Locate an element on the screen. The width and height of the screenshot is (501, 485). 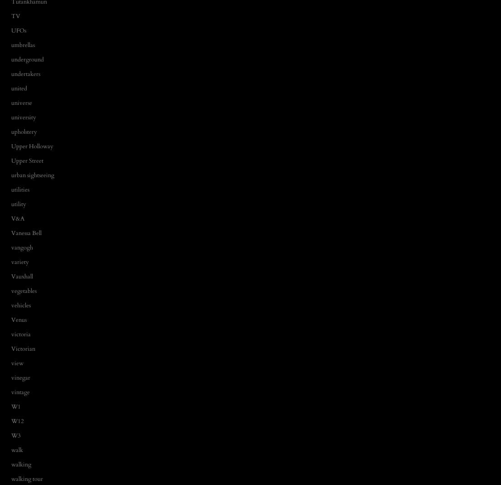
'Vanessa Bell' is located at coordinates (26, 232).